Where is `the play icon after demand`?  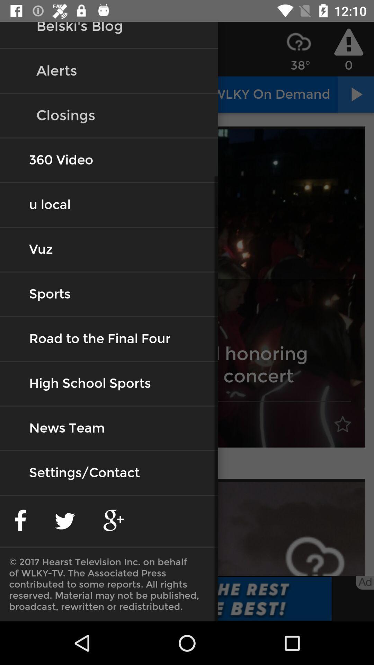
the play icon after demand is located at coordinates (355, 94).